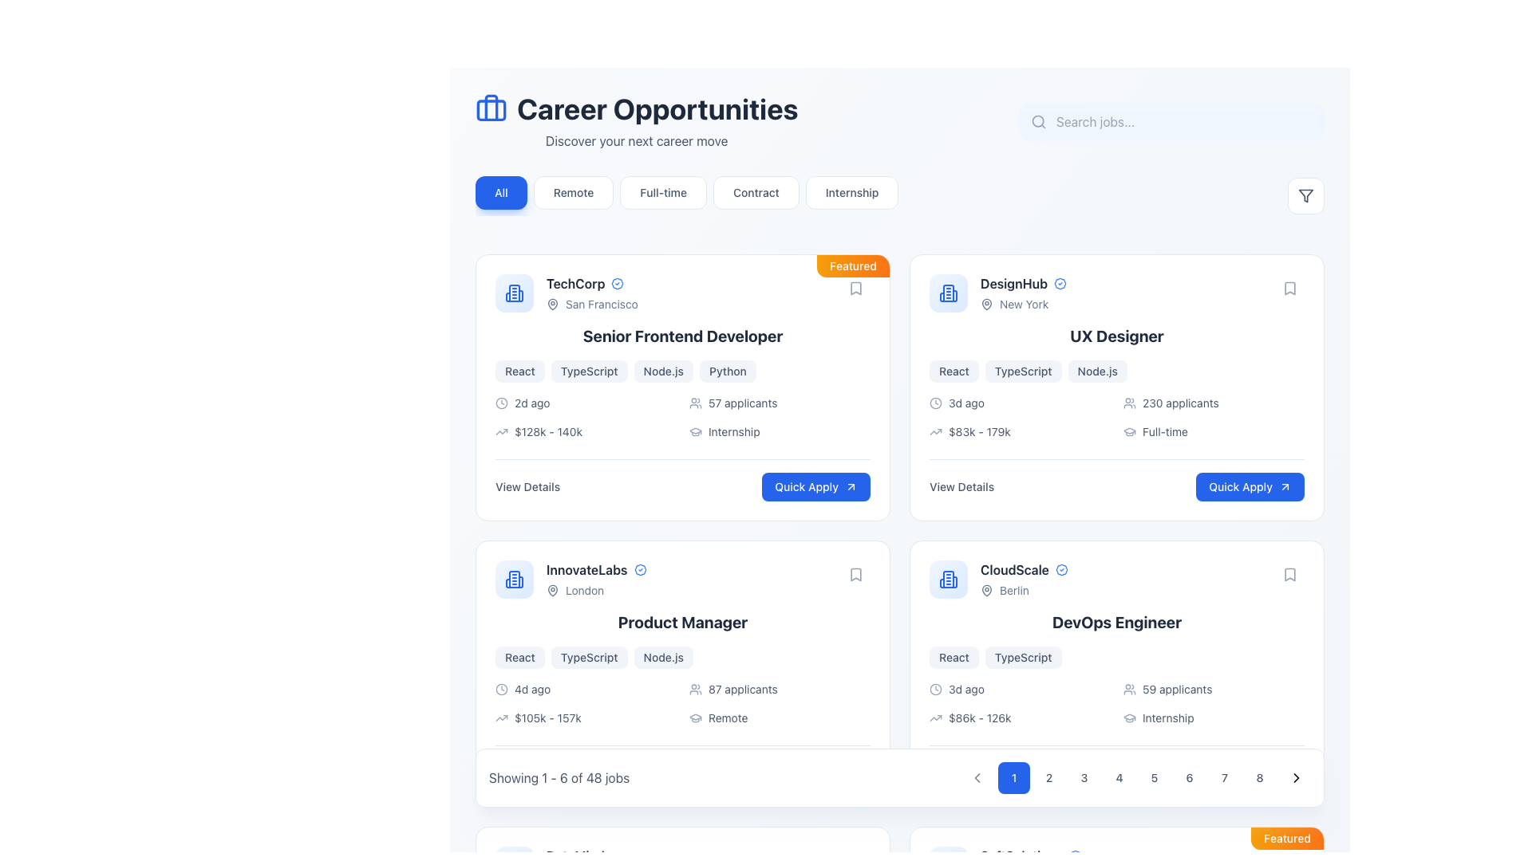 The image size is (1532, 861). Describe the element at coordinates (1116, 335) in the screenshot. I see `the static text element that identifies the job position title, located in the upper-middle part of the DesignHub job listing card, directly below the company information` at that location.